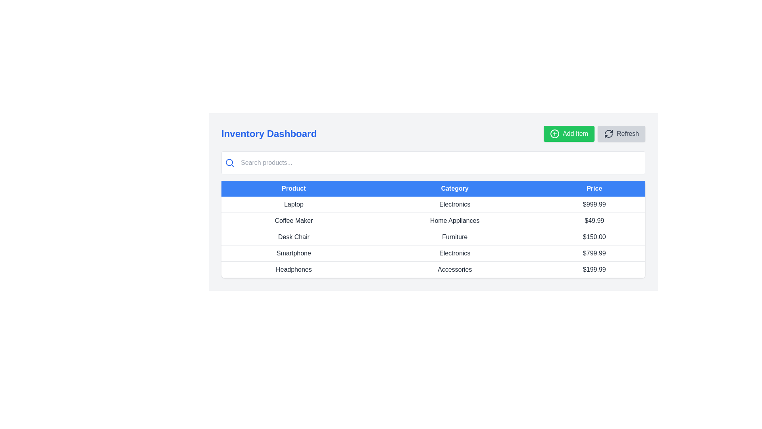 The image size is (762, 429). I want to click on the green rectangular button labeled 'Add Item' located on the top-right section of the interface, so click(568, 133).